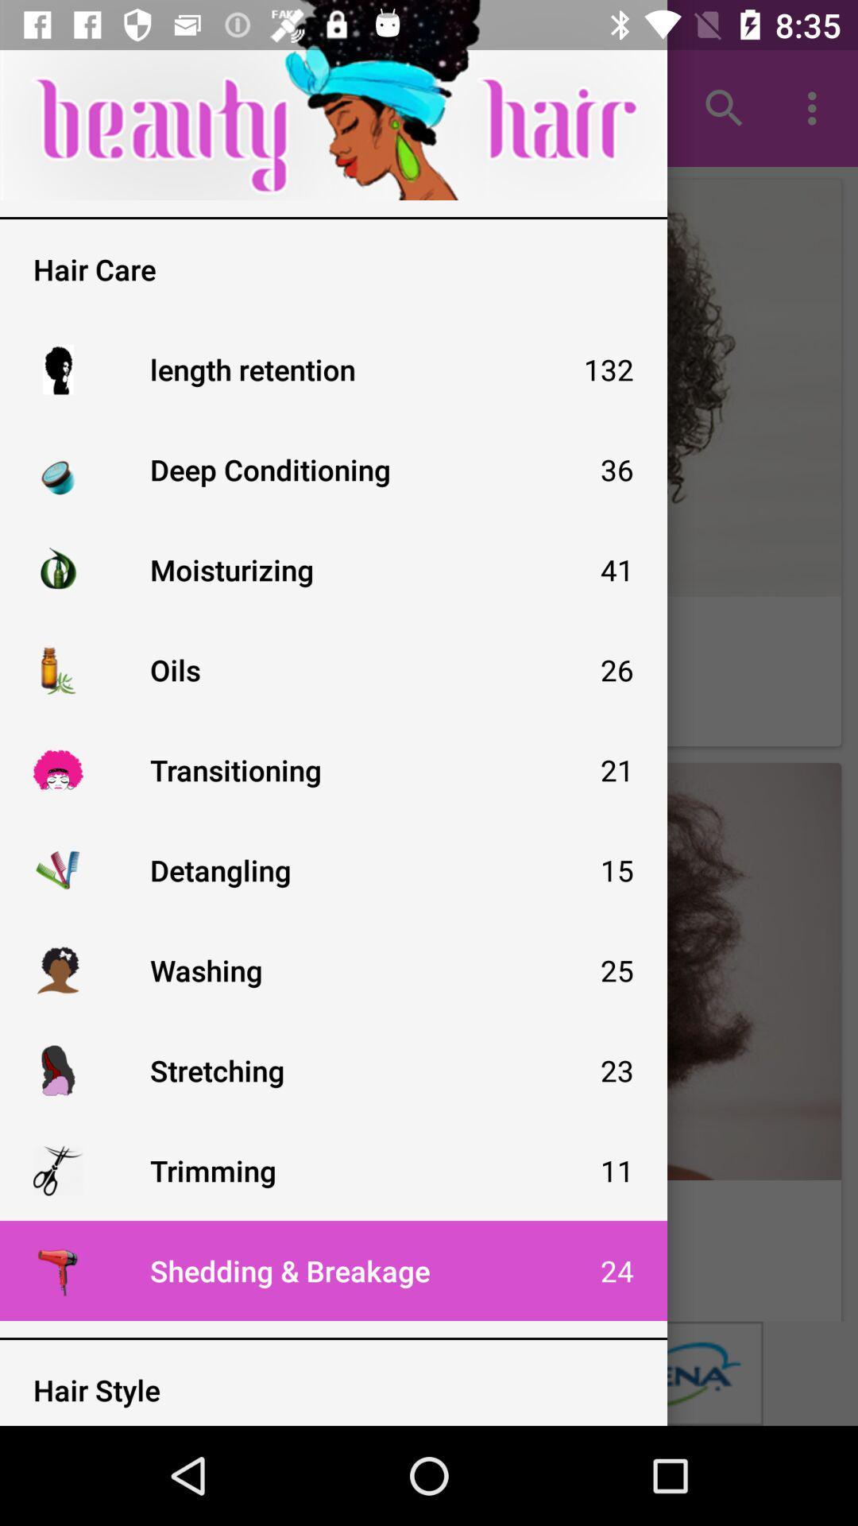 The height and width of the screenshot is (1526, 858). What do you see at coordinates (57, 1269) in the screenshot?
I see `tap the blow drier icon` at bounding box center [57, 1269].